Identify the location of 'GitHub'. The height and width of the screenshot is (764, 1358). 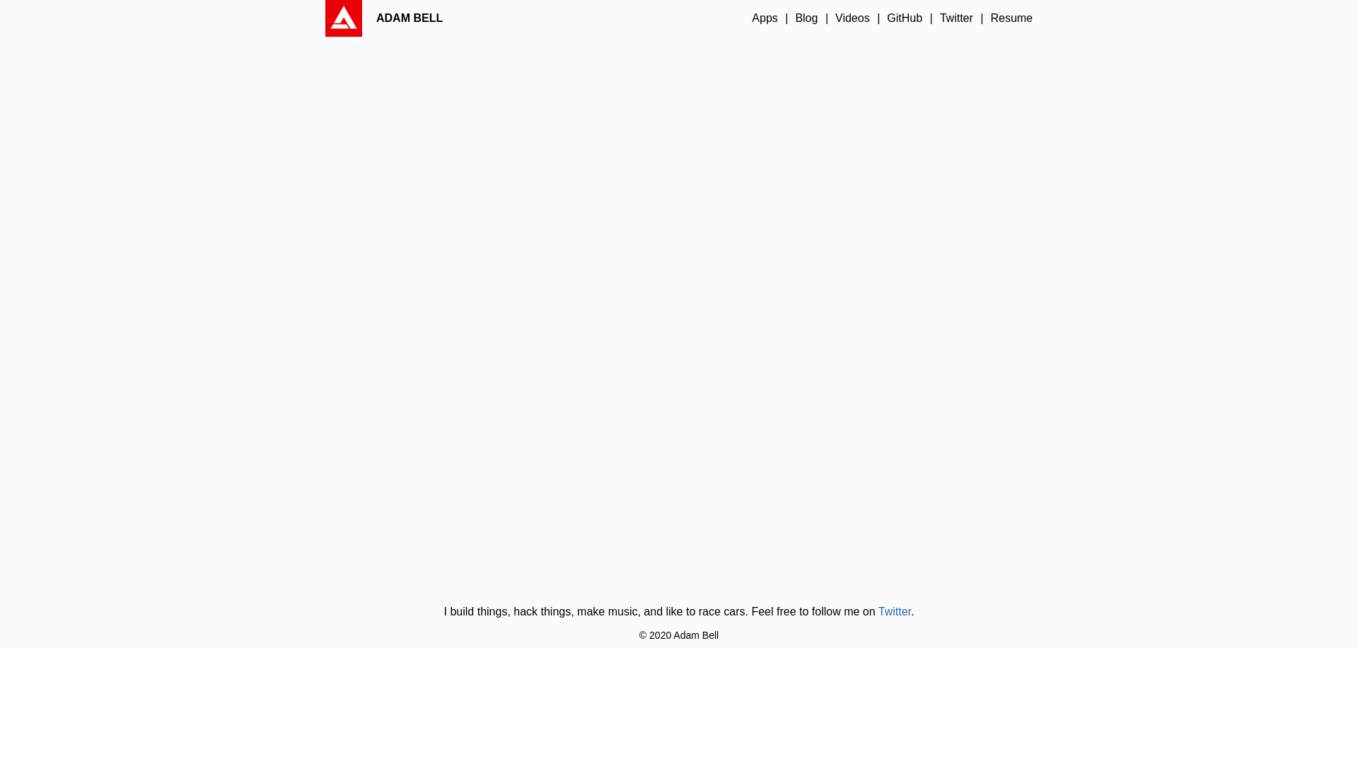
(903, 18).